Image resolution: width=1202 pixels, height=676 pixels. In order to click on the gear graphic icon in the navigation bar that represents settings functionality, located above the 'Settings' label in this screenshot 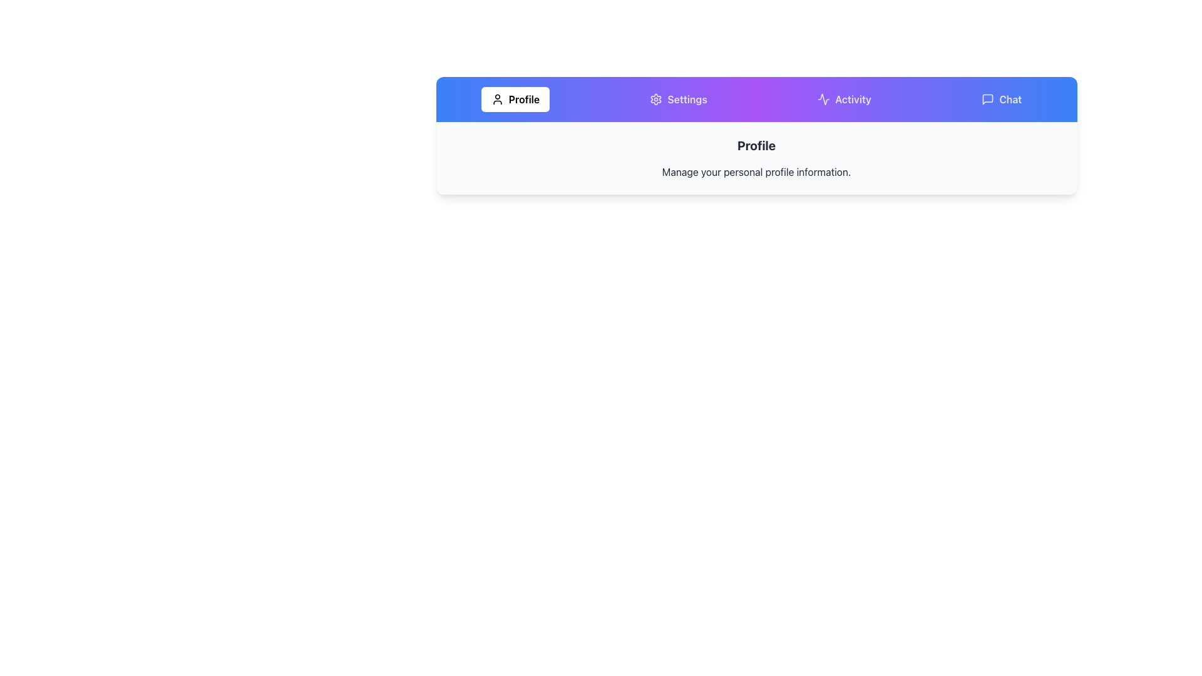, I will do `click(655, 98)`.